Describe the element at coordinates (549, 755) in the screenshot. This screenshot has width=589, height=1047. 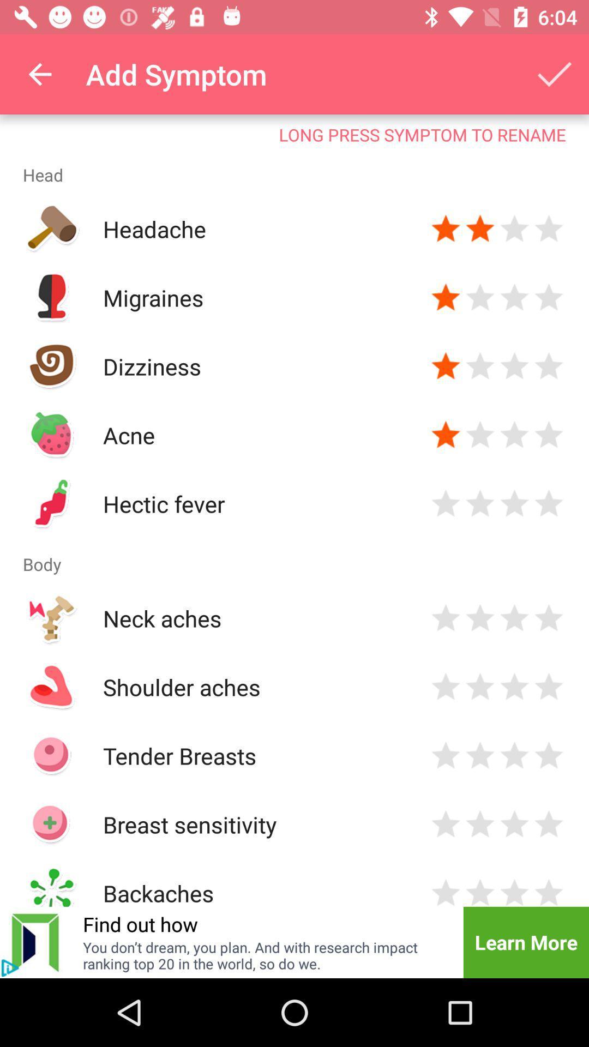
I see `rate symptom 4 stars` at that location.